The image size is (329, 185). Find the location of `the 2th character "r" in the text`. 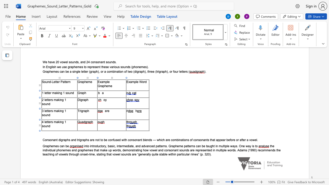

the 2th character "r" in the text is located at coordinates (78, 140).